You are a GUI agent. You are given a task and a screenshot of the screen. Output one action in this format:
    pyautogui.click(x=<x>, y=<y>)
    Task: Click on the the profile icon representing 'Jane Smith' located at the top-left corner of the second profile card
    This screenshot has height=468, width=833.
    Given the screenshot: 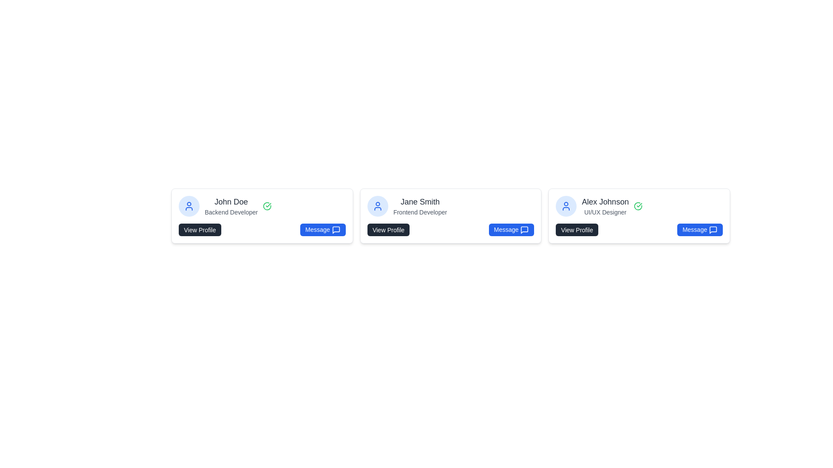 What is the action you would take?
    pyautogui.click(x=377, y=206)
    